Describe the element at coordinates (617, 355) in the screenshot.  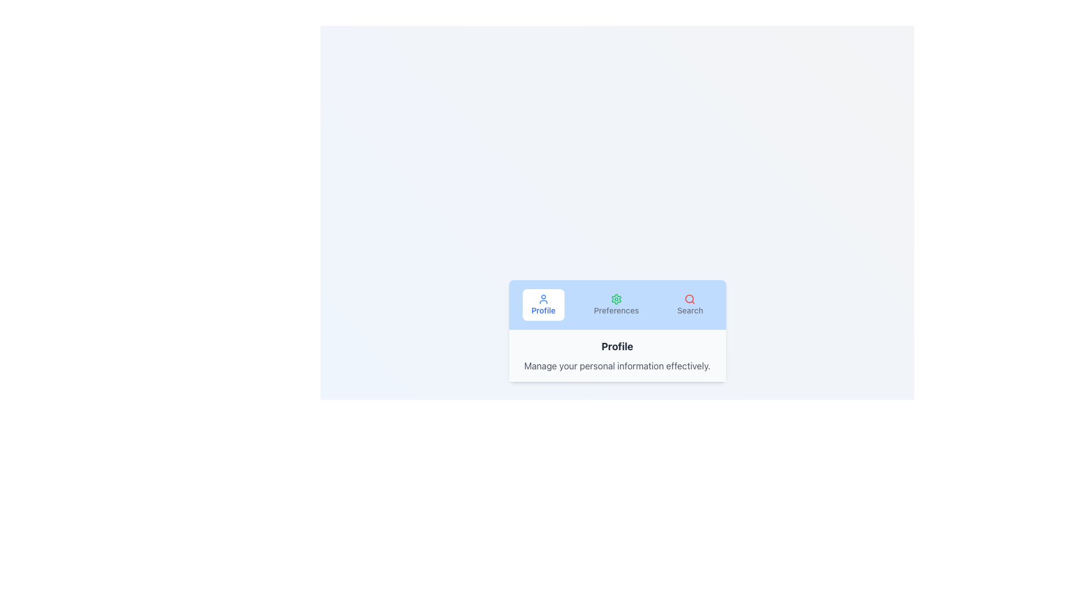
I see `text from the Information block labeled 'Profile' which contains the description 'Manage your personal information effectively.'` at that location.